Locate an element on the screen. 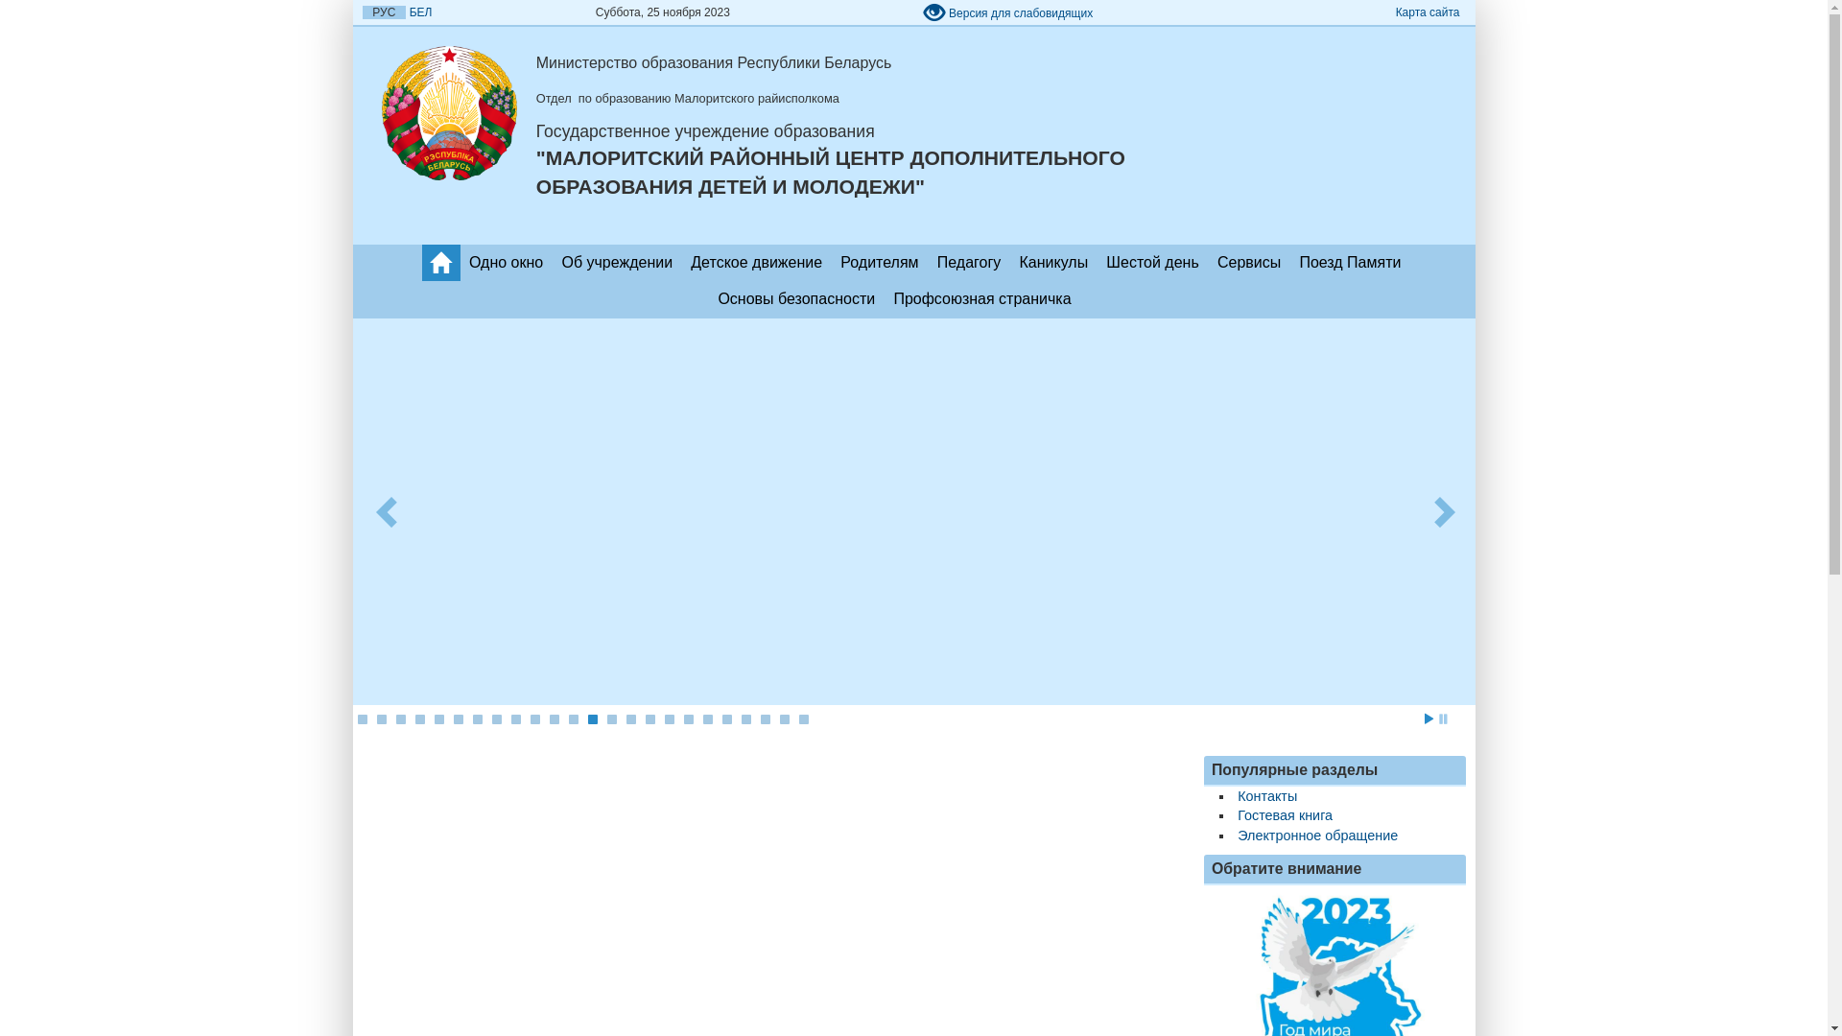  '11' is located at coordinates (552, 718).